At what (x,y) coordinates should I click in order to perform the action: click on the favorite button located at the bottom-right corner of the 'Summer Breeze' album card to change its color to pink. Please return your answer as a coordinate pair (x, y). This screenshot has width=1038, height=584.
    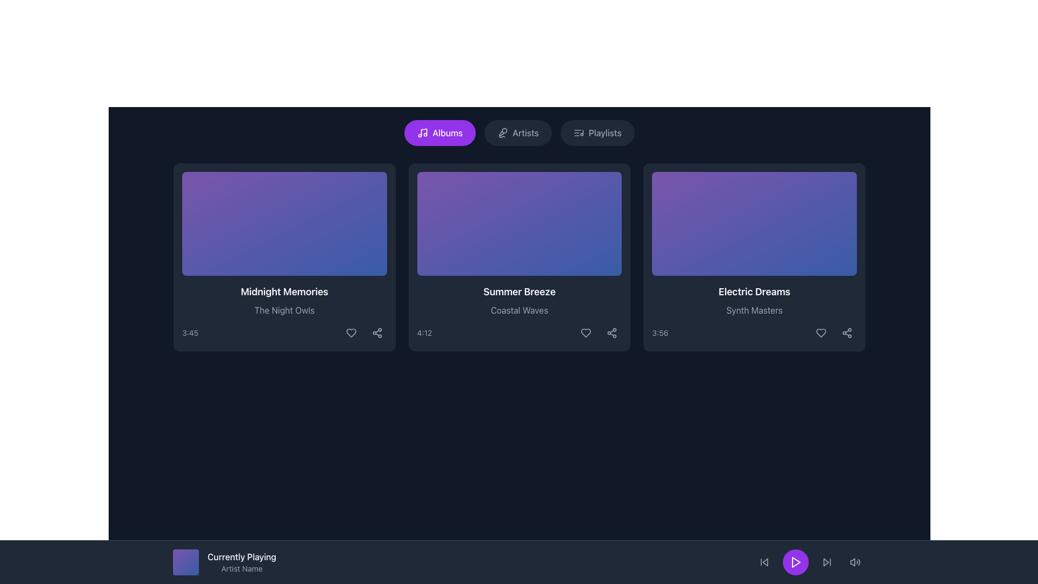
    Looking at the image, I should click on (585, 333).